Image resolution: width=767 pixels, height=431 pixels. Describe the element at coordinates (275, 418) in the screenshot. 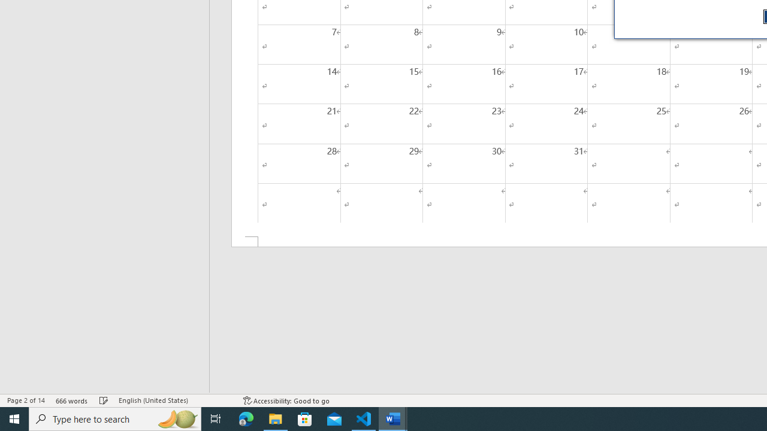

I see `'File Explorer - 1 running window'` at that location.